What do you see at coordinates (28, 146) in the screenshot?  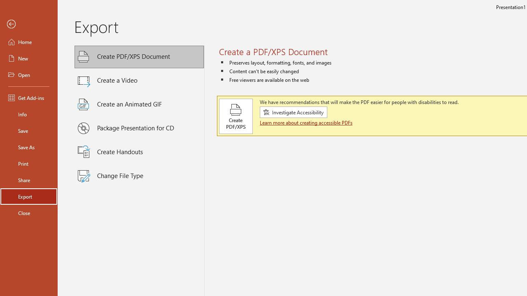 I see `'Save As'` at bounding box center [28, 146].